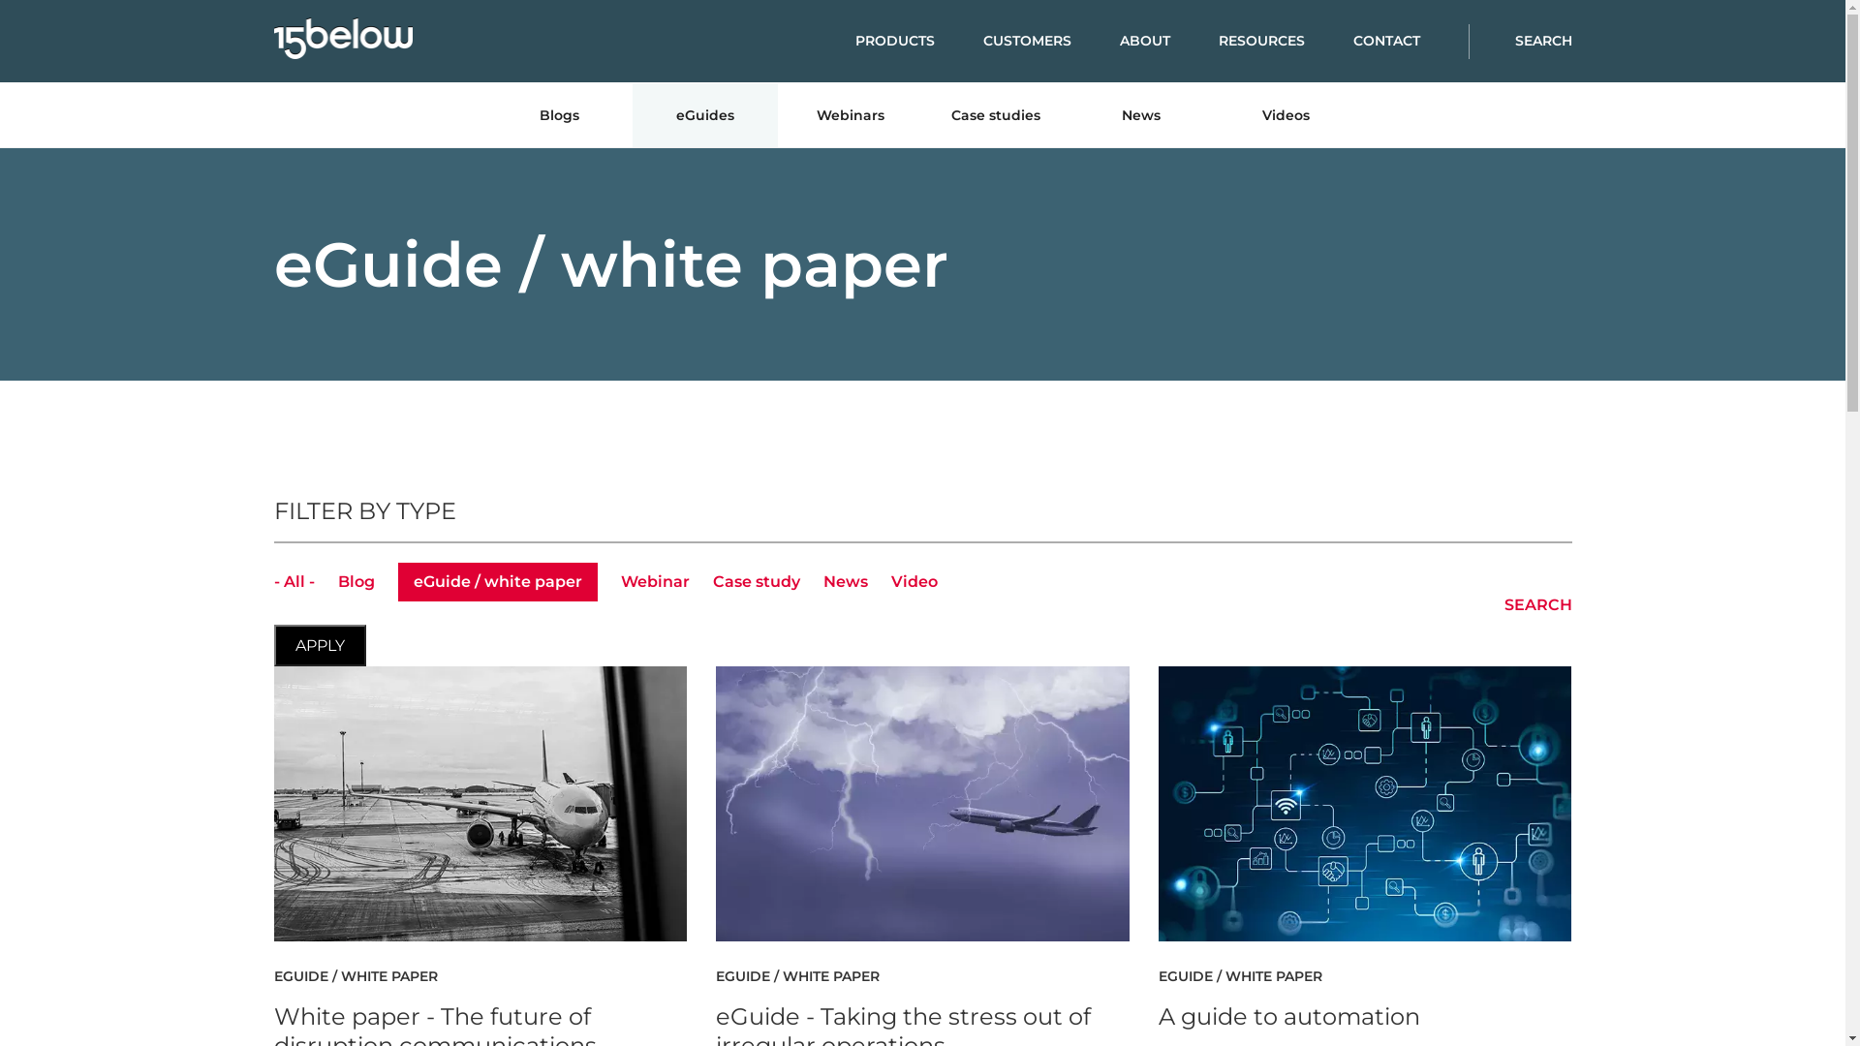  I want to click on 'Case studies', so click(995, 115).